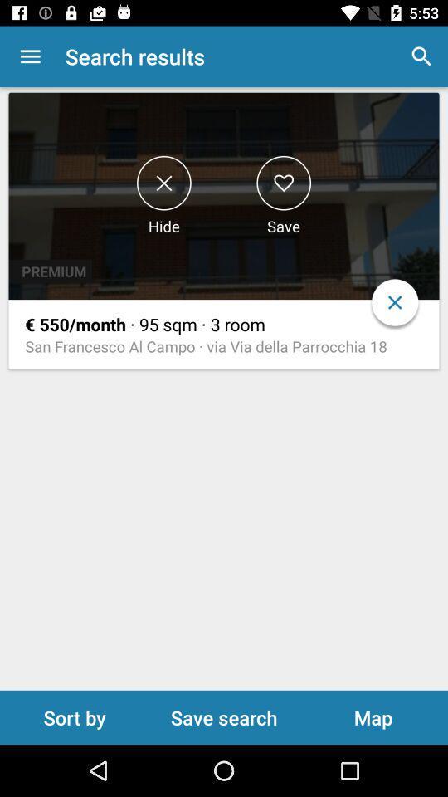  What do you see at coordinates (283, 183) in the screenshot?
I see `search results` at bounding box center [283, 183].